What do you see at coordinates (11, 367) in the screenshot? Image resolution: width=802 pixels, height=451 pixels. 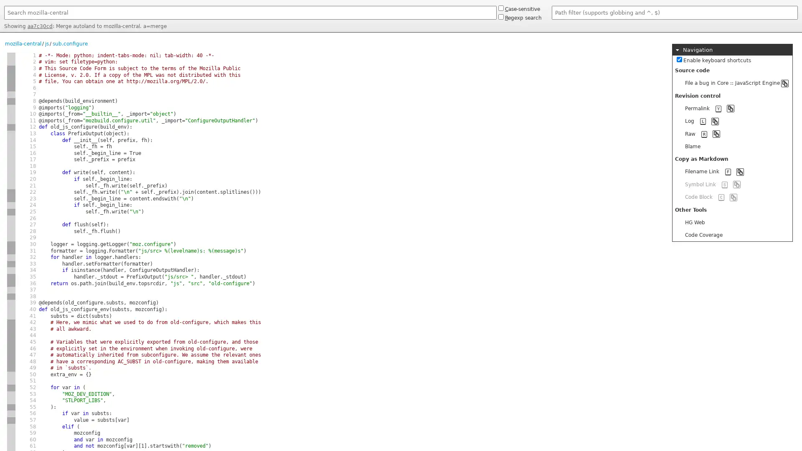 I see `same hash 2` at bounding box center [11, 367].